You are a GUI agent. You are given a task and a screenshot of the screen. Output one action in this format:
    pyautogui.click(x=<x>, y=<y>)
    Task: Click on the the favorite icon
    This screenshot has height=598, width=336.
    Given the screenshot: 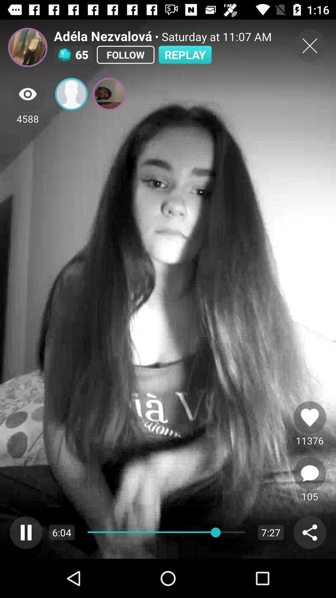 What is the action you would take?
    pyautogui.click(x=310, y=417)
    